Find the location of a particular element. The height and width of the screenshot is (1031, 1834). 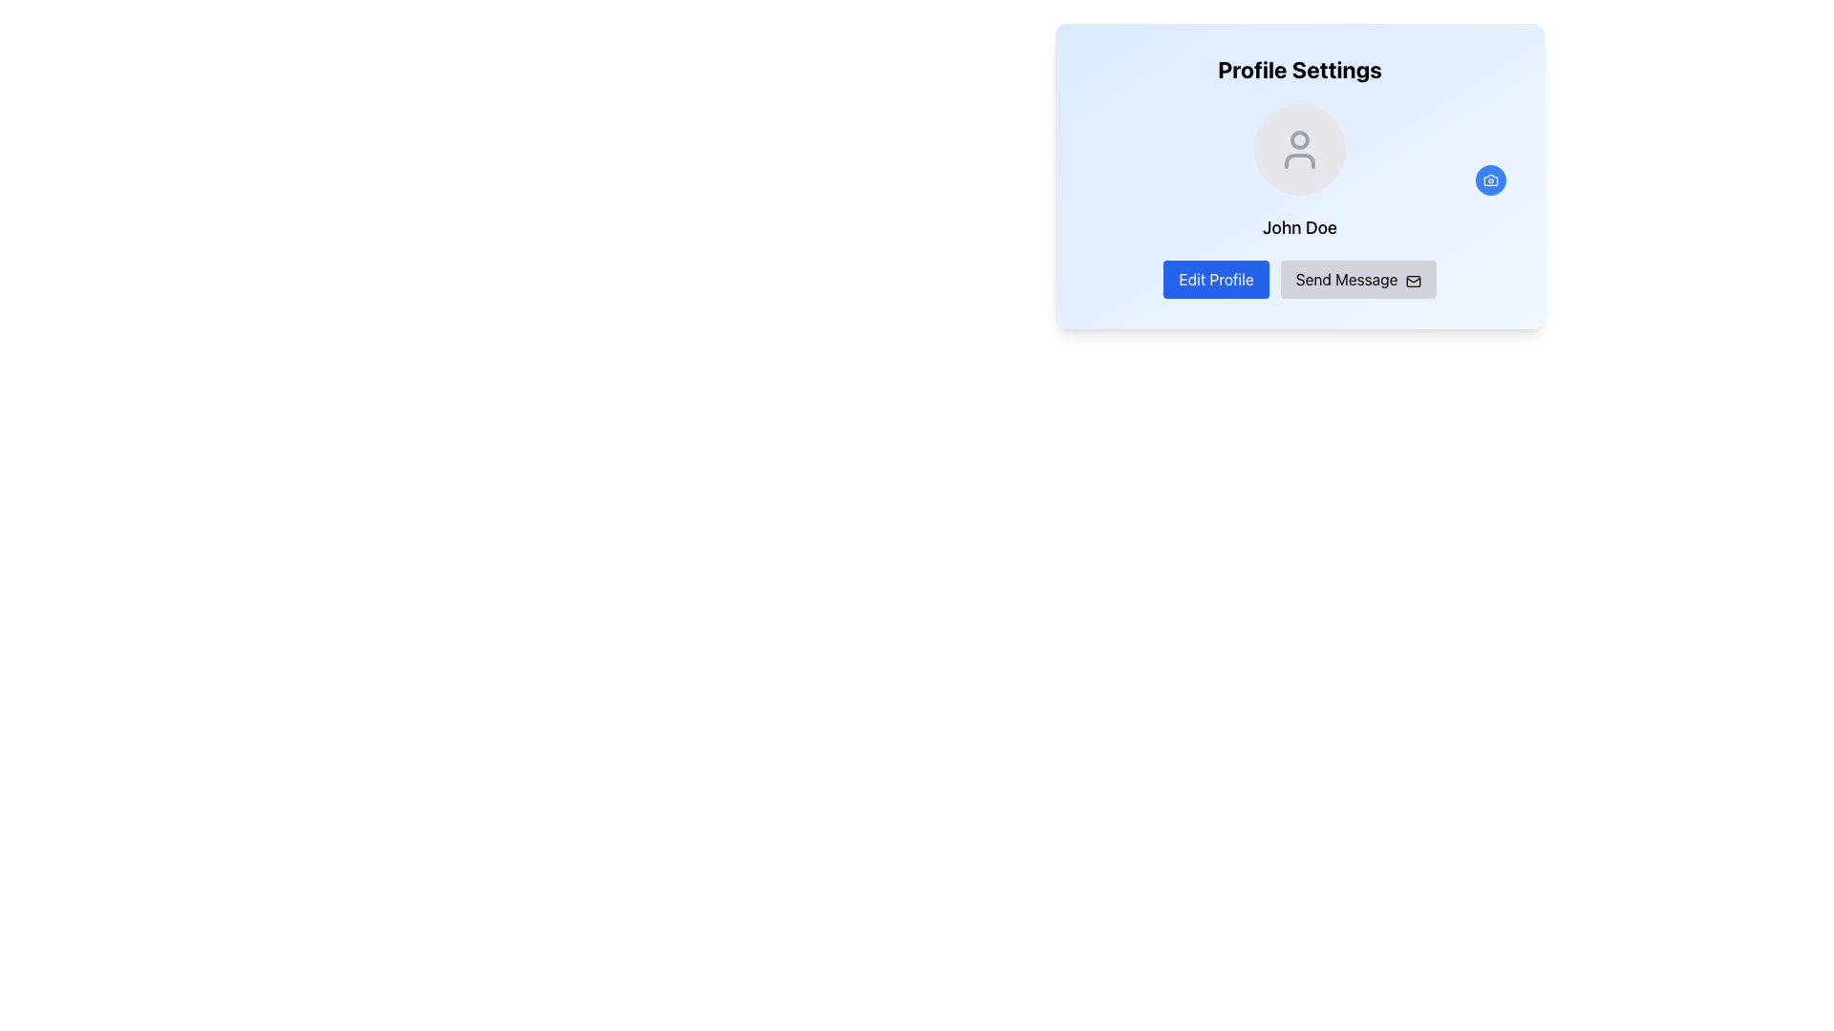

the leftmost button in the 'Profile Settings' section is located at coordinates (1215, 280).